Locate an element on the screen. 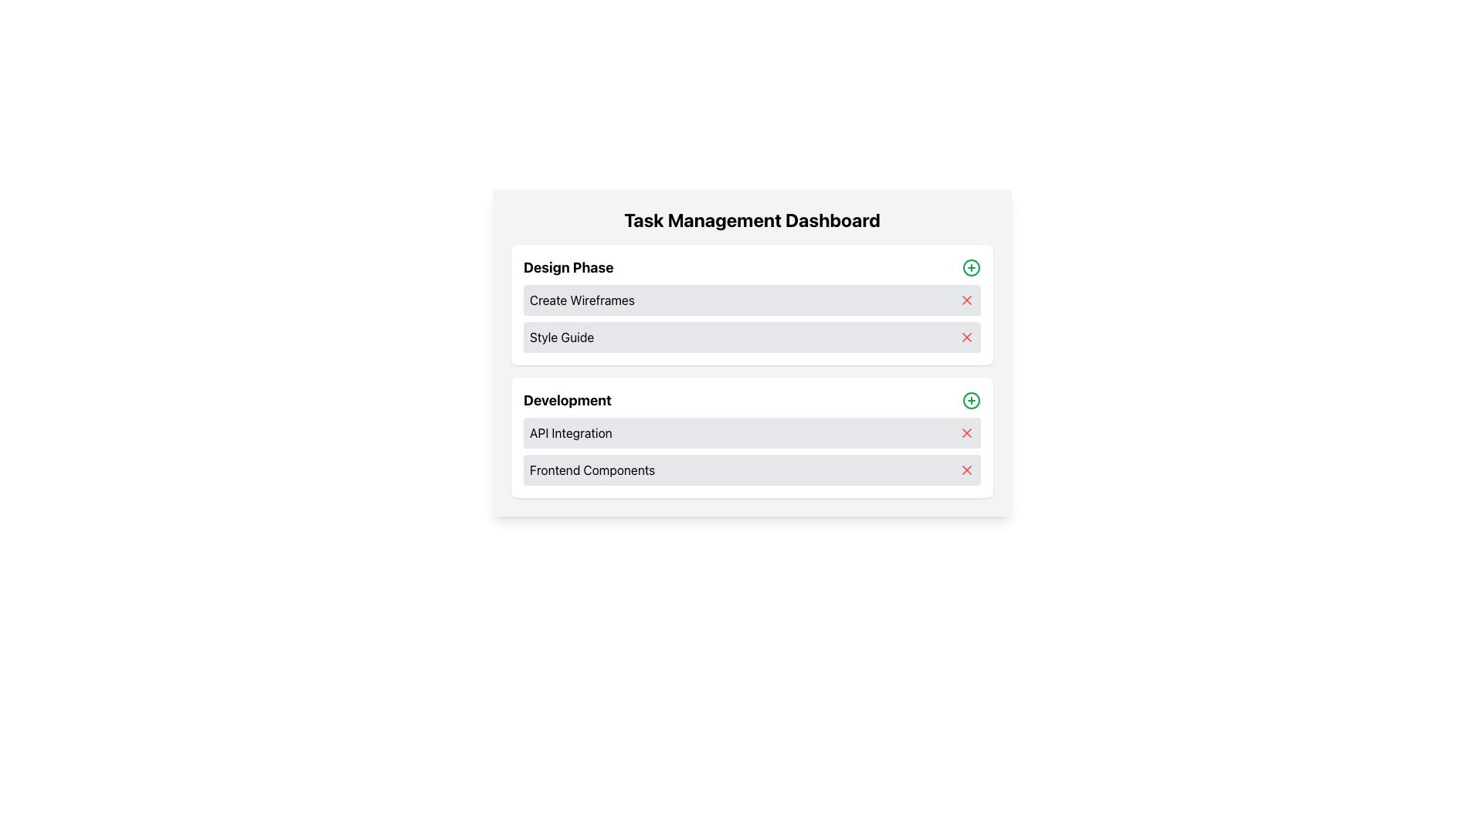 This screenshot has height=834, width=1483. the delete or close button icon for the 'API Integration' task entry located on the far right of the task row in the 'Development' section of the main dashboard is located at coordinates (966, 432).